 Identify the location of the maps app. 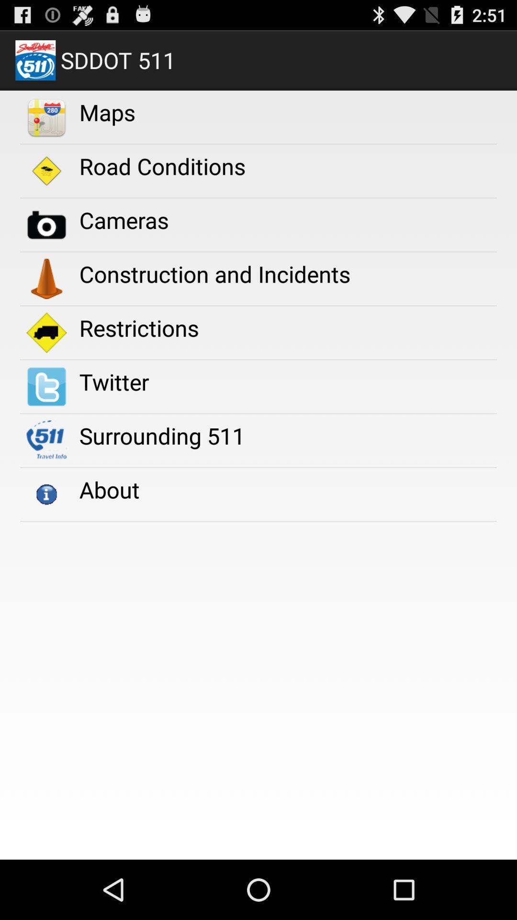
(107, 112).